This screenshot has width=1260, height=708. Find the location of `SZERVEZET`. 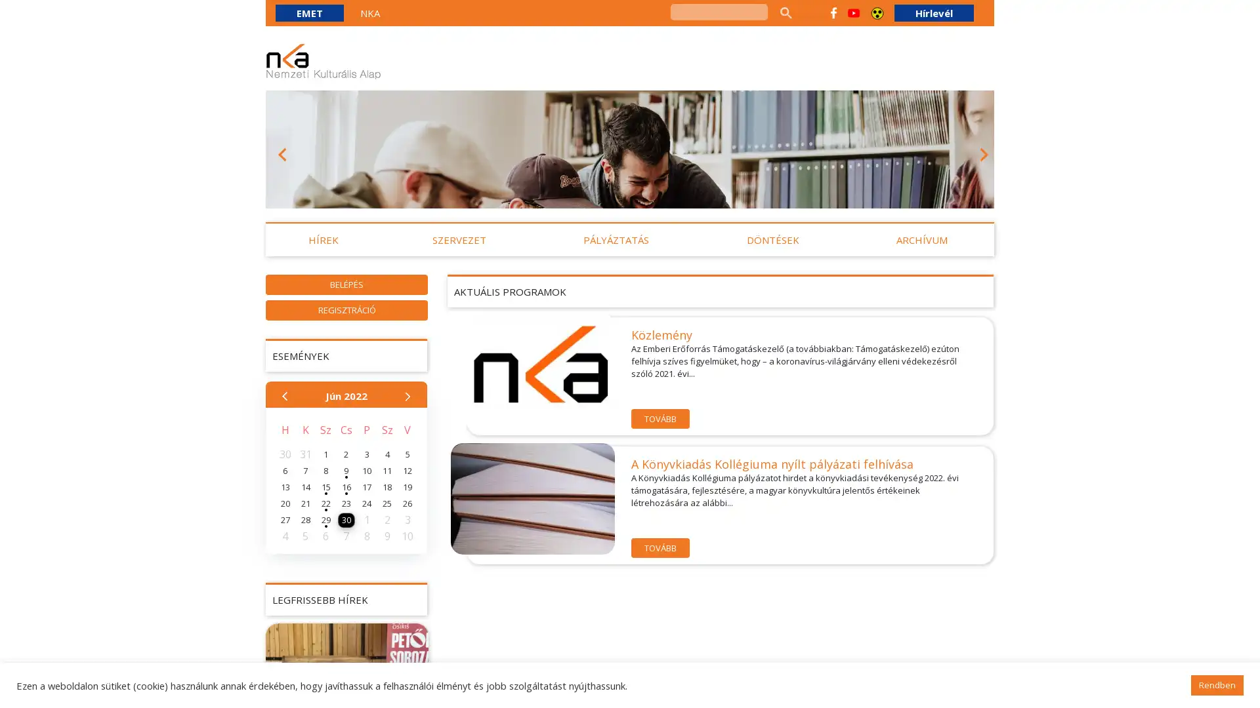

SZERVEZET is located at coordinates (459, 240).